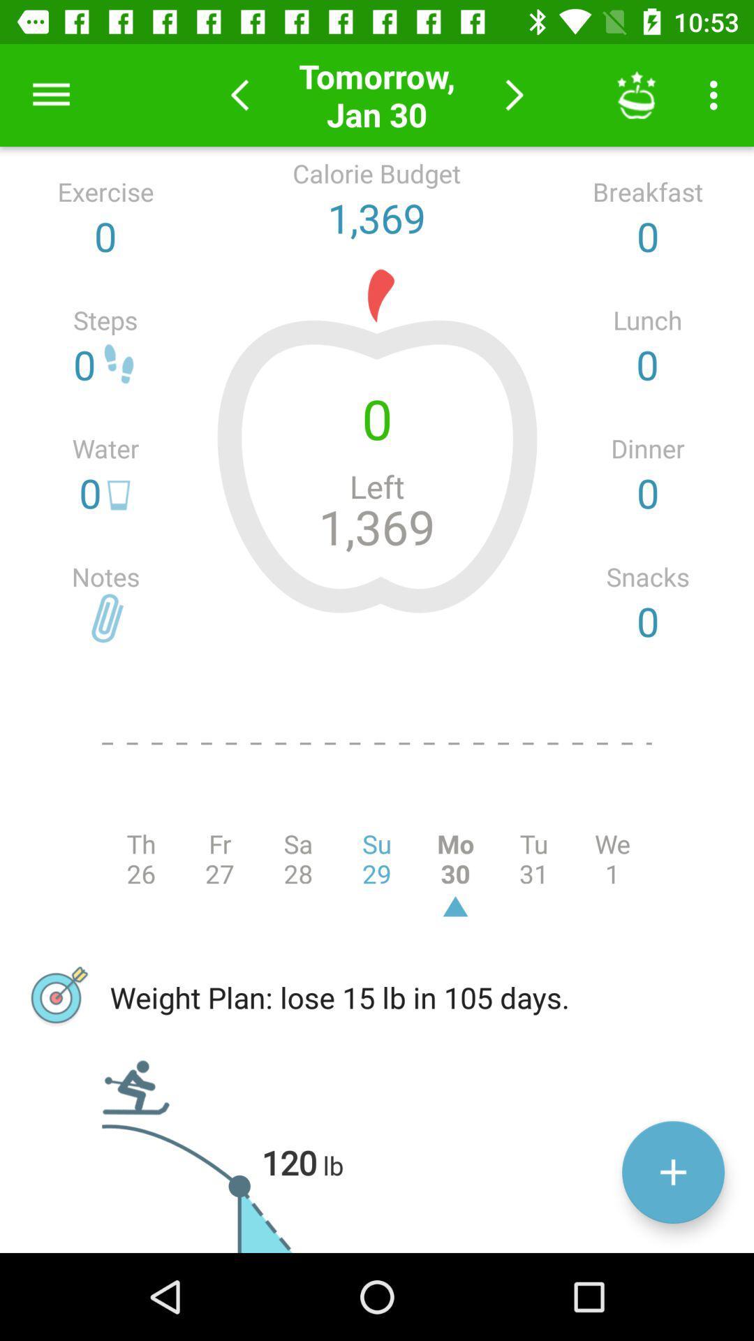 This screenshot has width=754, height=1341. I want to click on move forward one day, so click(515, 94).